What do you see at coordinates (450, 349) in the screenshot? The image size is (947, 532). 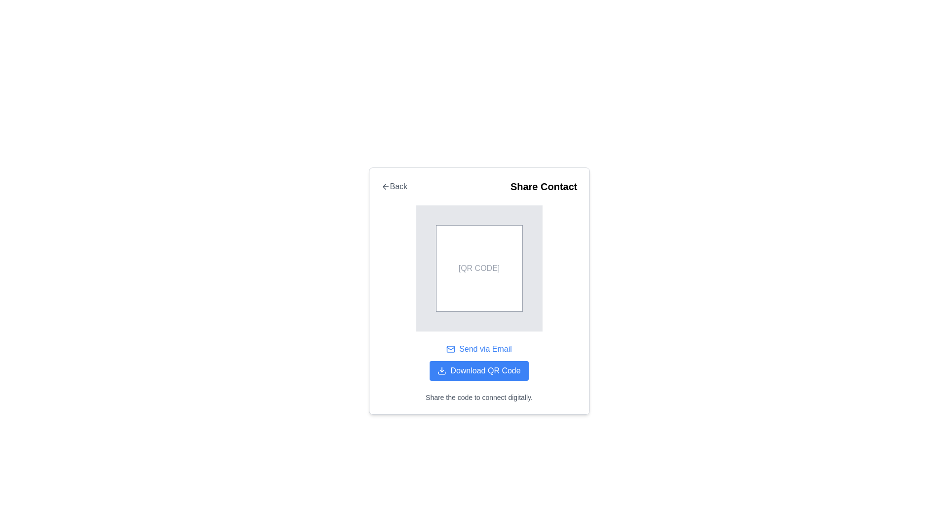 I see `the email icon located to the left of the 'Send via Email' text` at bounding box center [450, 349].